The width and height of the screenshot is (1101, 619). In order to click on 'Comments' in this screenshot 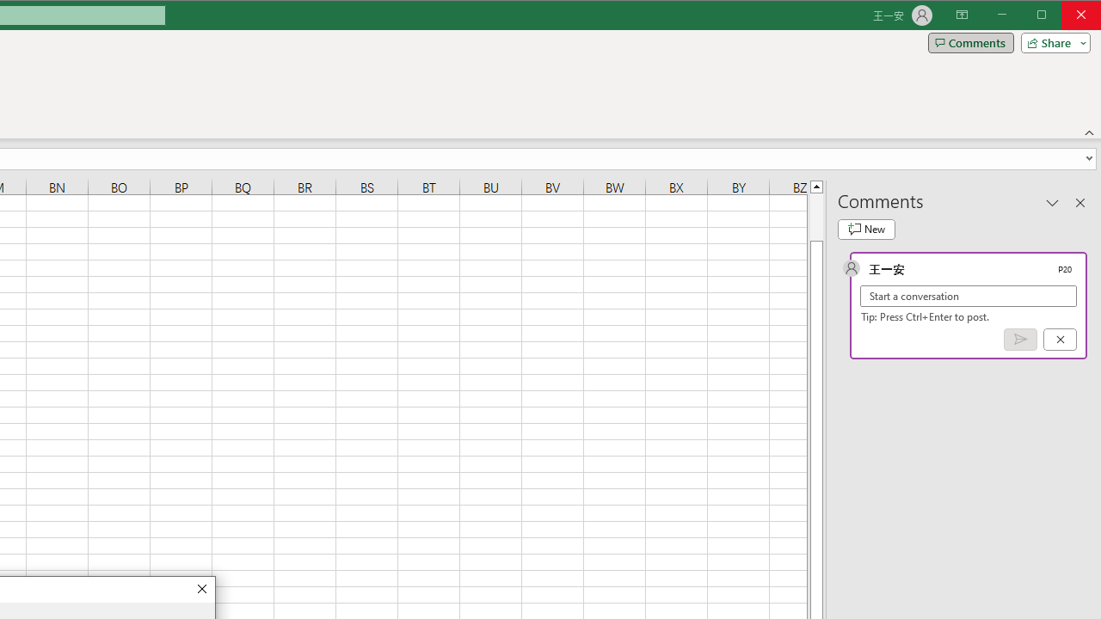, I will do `click(970, 42)`.